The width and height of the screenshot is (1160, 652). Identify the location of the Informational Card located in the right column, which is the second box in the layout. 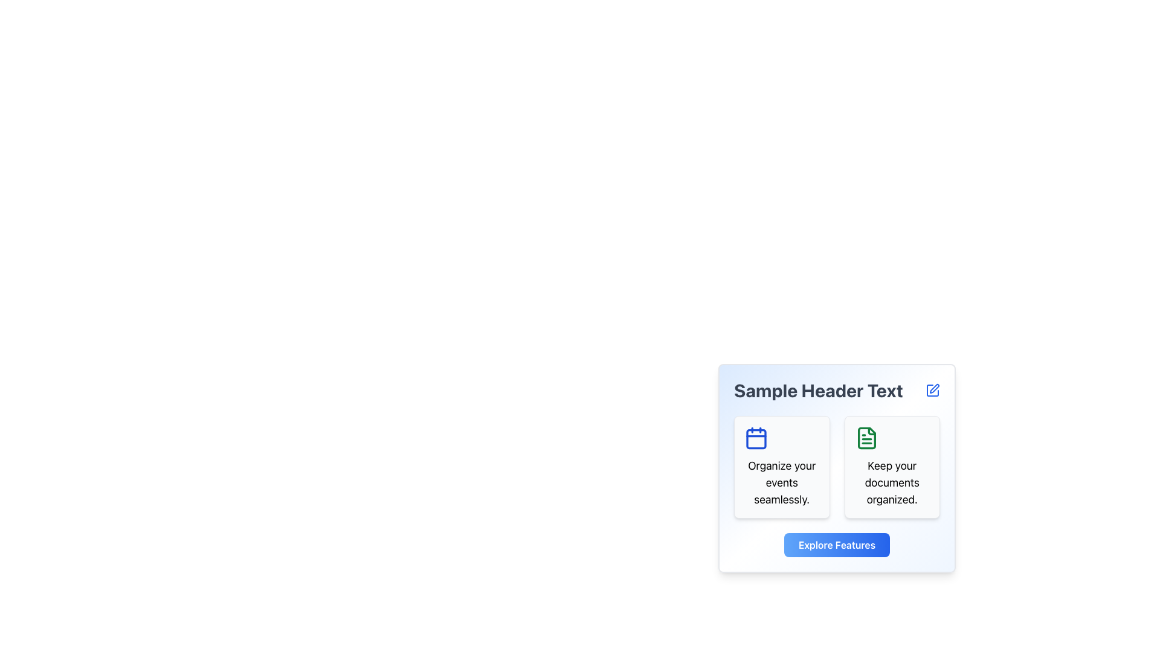
(892, 467).